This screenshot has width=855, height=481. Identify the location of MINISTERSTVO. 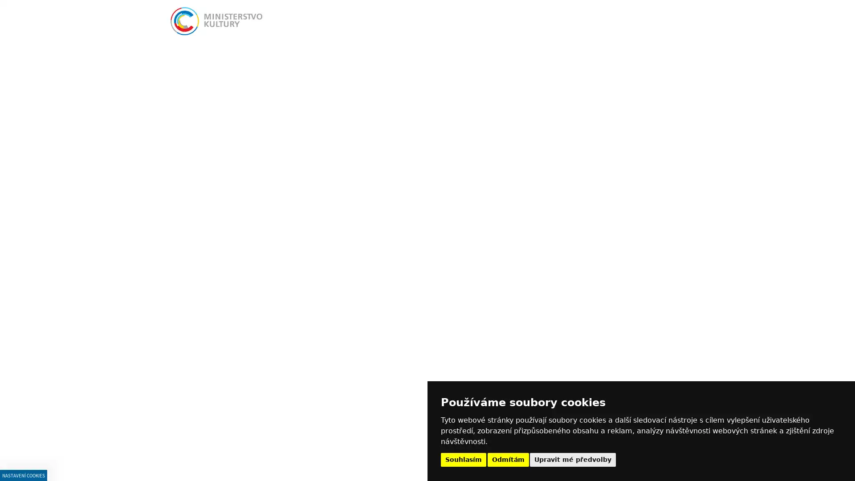
(199, 277).